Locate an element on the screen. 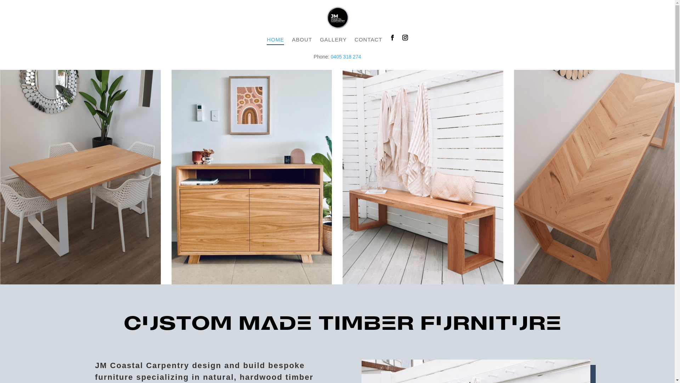 This screenshot has height=383, width=680. 'CONTACT' is located at coordinates (355, 45).